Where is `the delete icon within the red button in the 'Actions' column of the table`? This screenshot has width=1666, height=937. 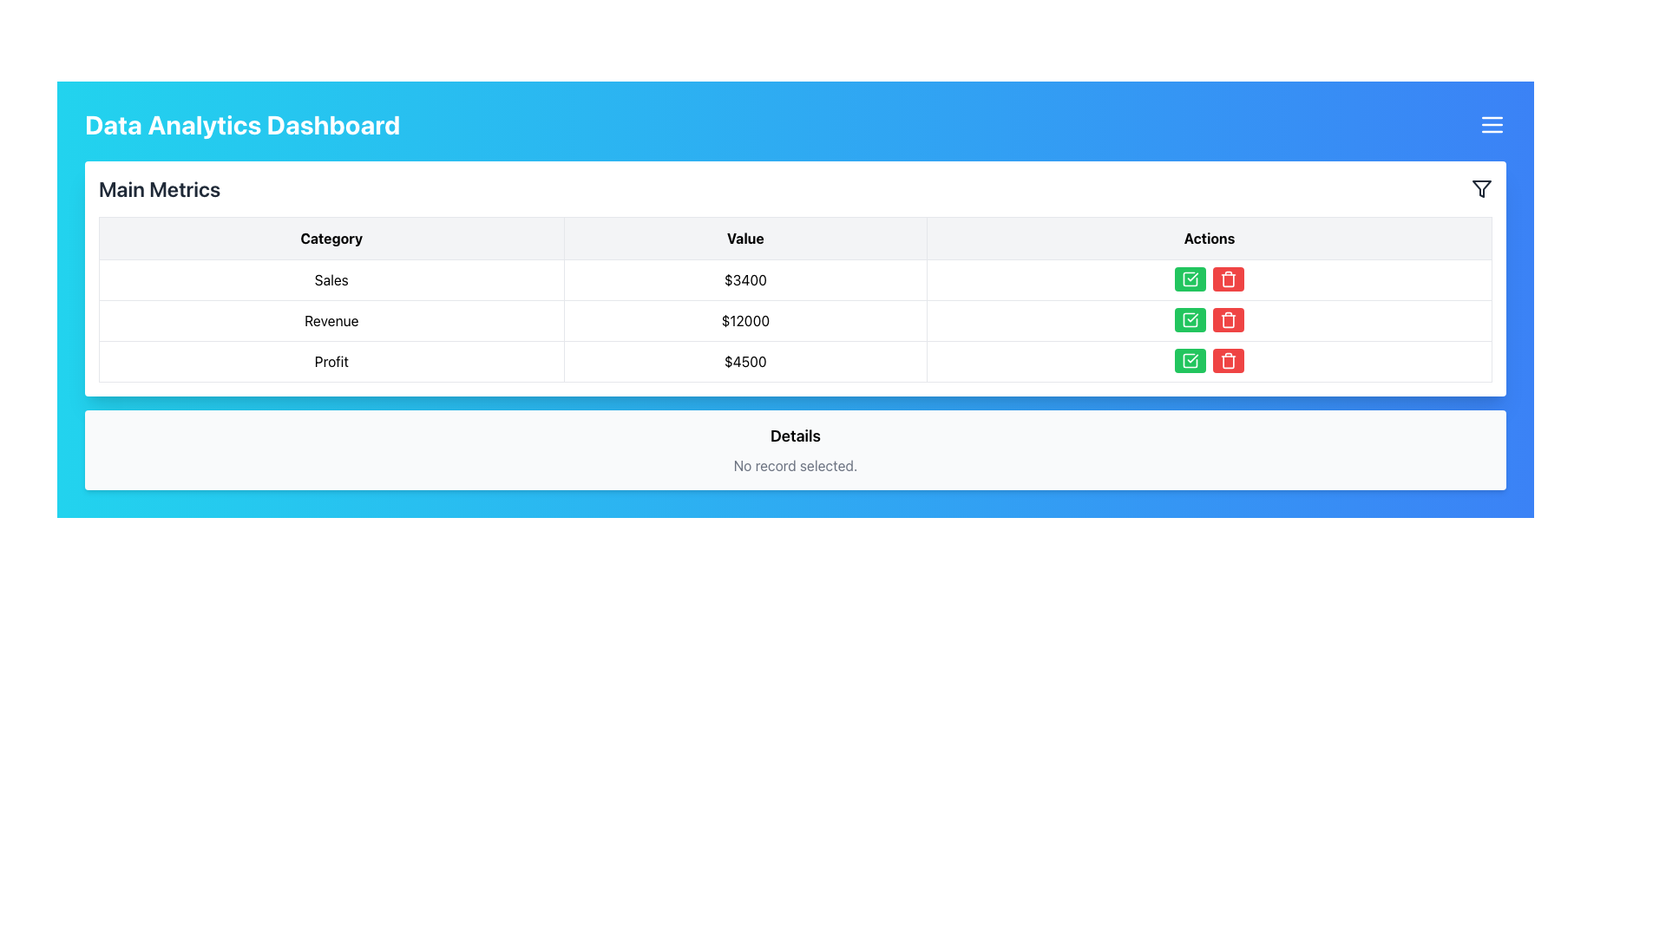
the delete icon within the red button in the 'Actions' column of the table is located at coordinates (1228, 360).